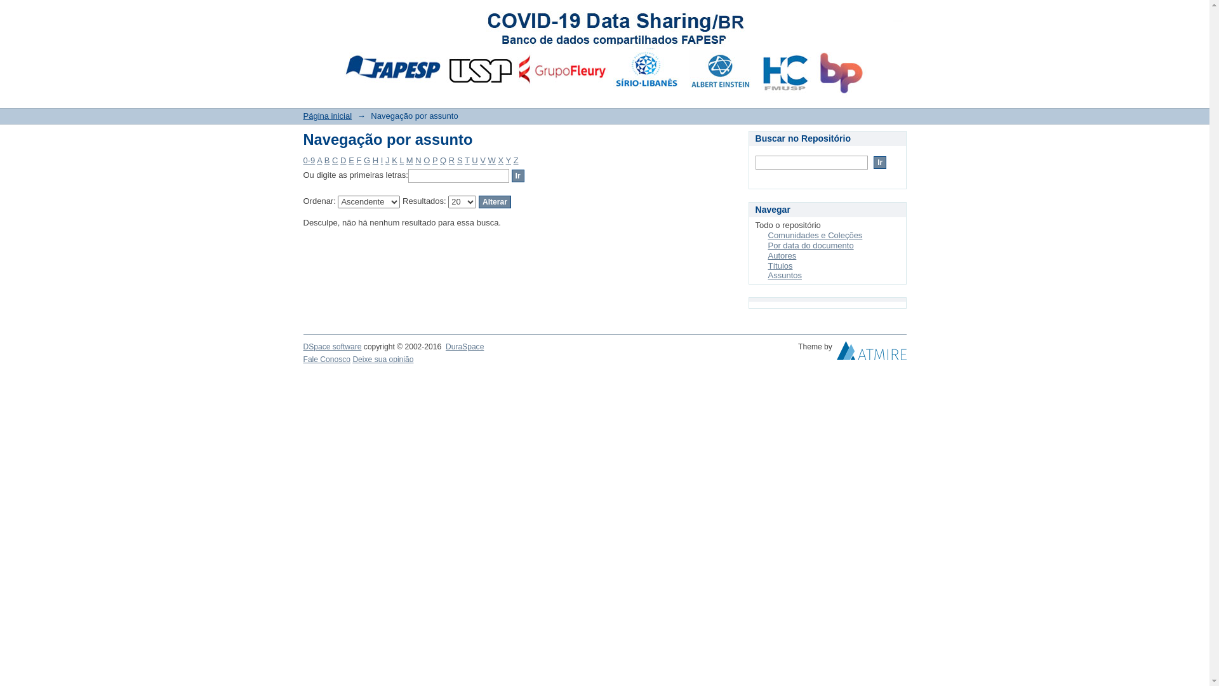 Image resolution: width=1219 pixels, height=686 pixels. I want to click on 'Fale Conosco', so click(327, 360).